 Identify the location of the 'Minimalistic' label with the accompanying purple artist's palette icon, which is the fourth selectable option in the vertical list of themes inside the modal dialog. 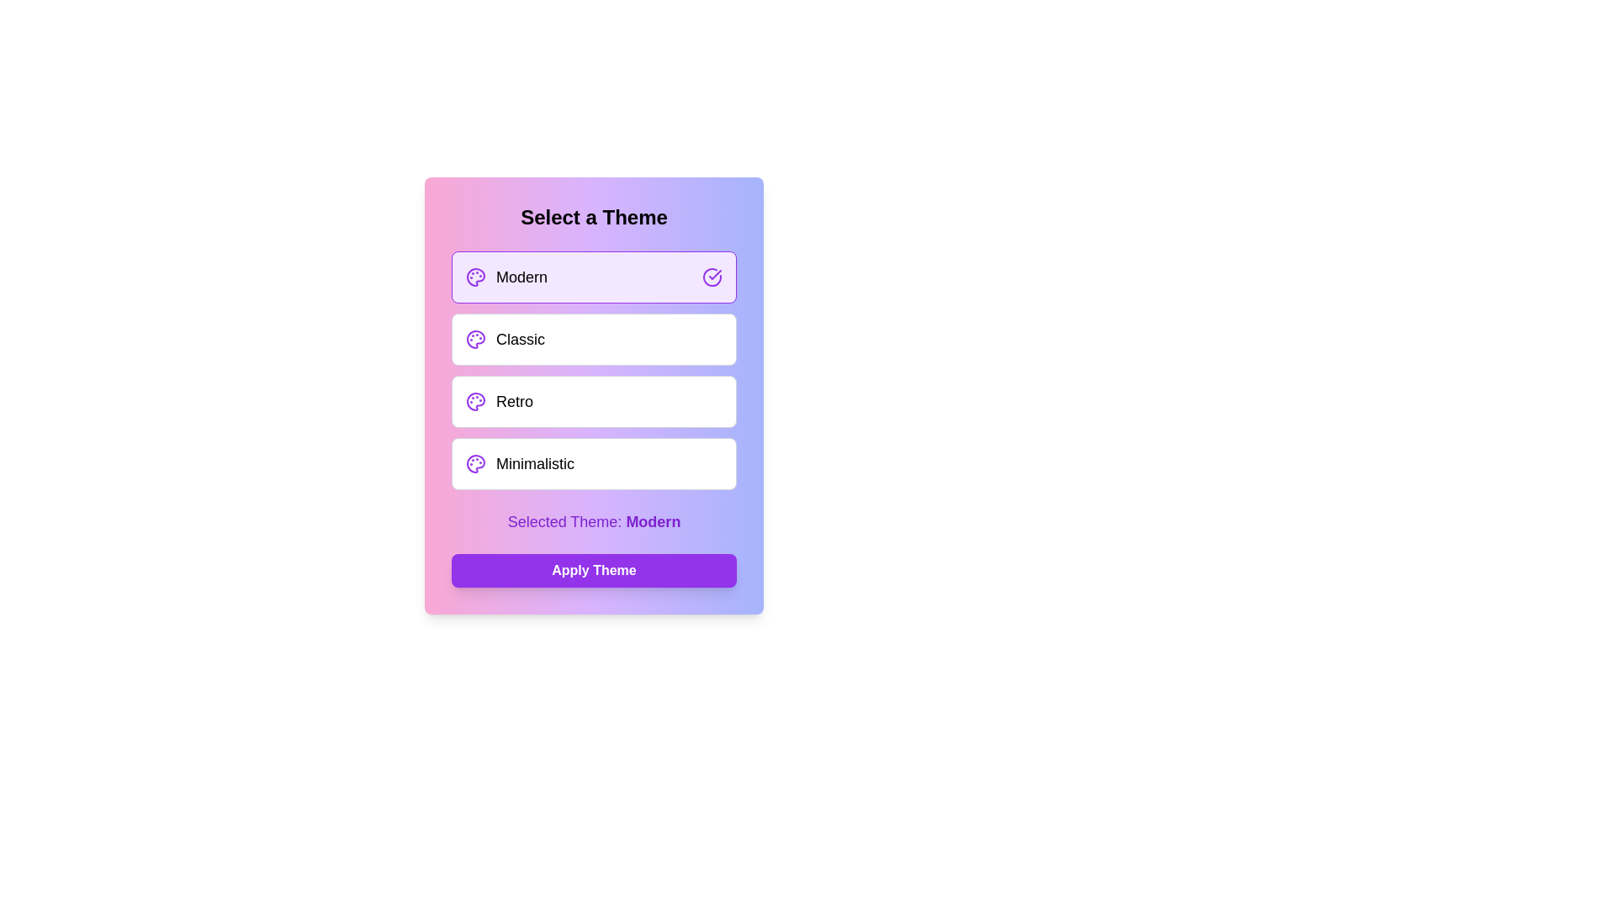
(519, 463).